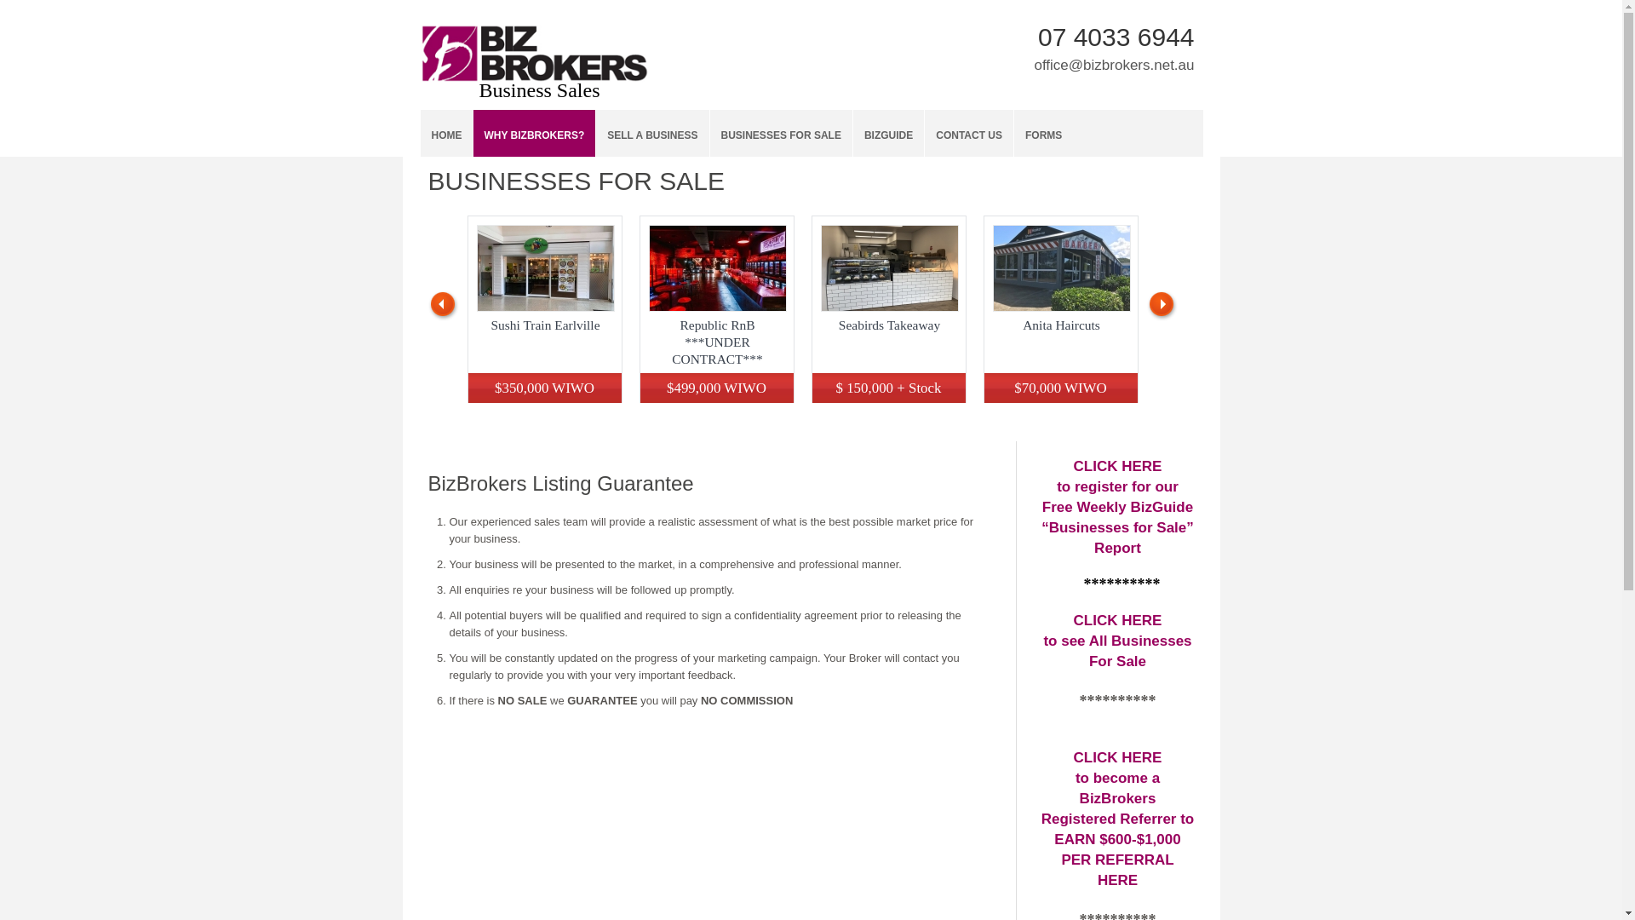 The width and height of the screenshot is (1635, 920). I want to click on 'office@bizbrokers.net.au', so click(1114, 64).